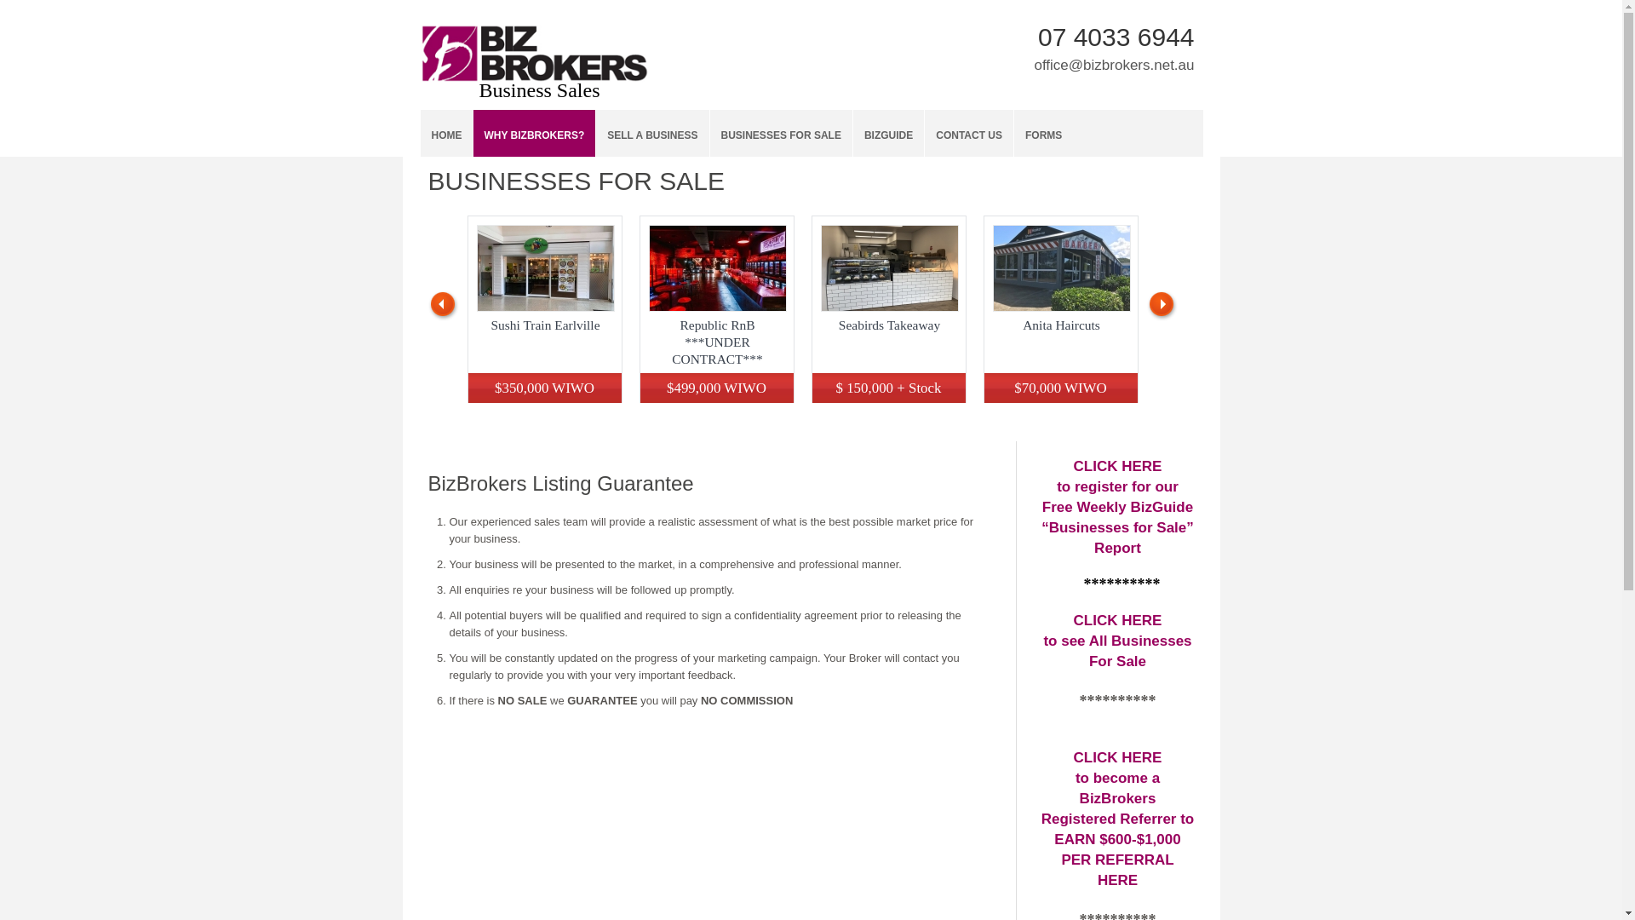 The width and height of the screenshot is (1635, 920). I want to click on 'office@bizbrokers.net.au', so click(1114, 64).